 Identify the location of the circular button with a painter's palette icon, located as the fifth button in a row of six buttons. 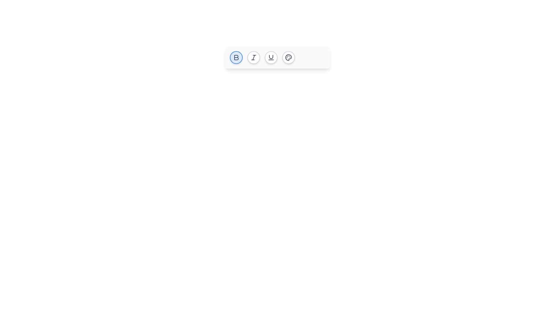
(289, 57).